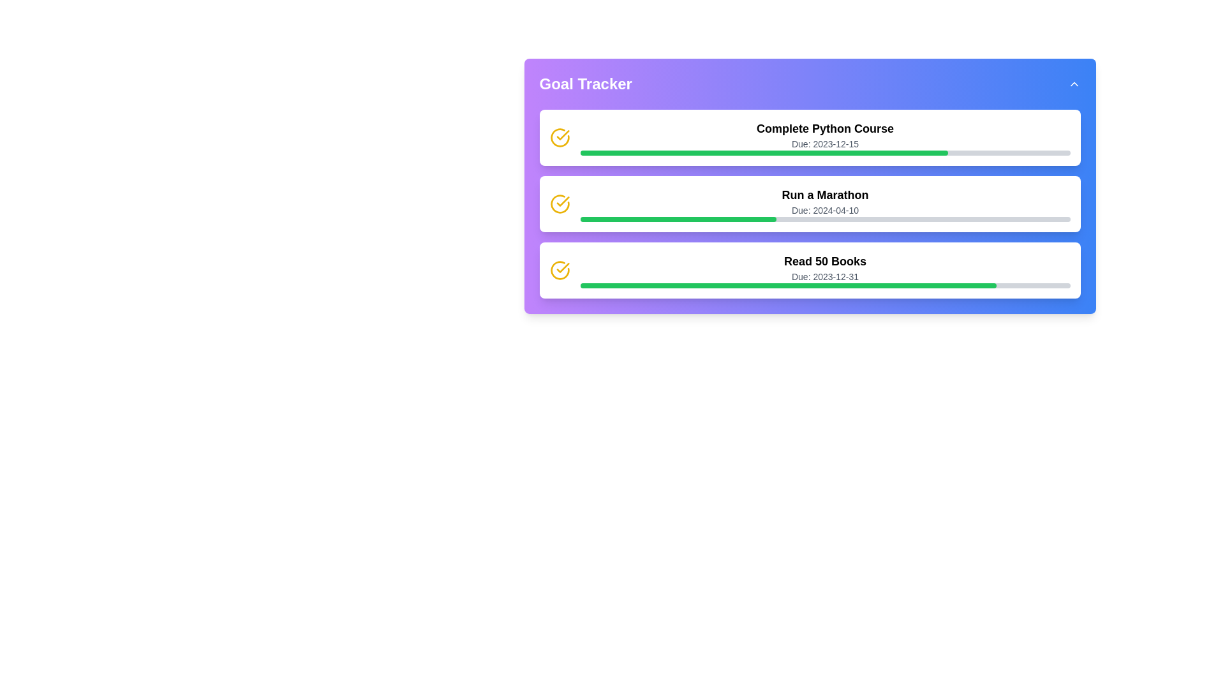 The image size is (1225, 689). What do you see at coordinates (764, 152) in the screenshot?
I see `the green progress indicator representing 75% completion in the goal tracker interface, located below the 'Complete Python Course' label` at bounding box center [764, 152].